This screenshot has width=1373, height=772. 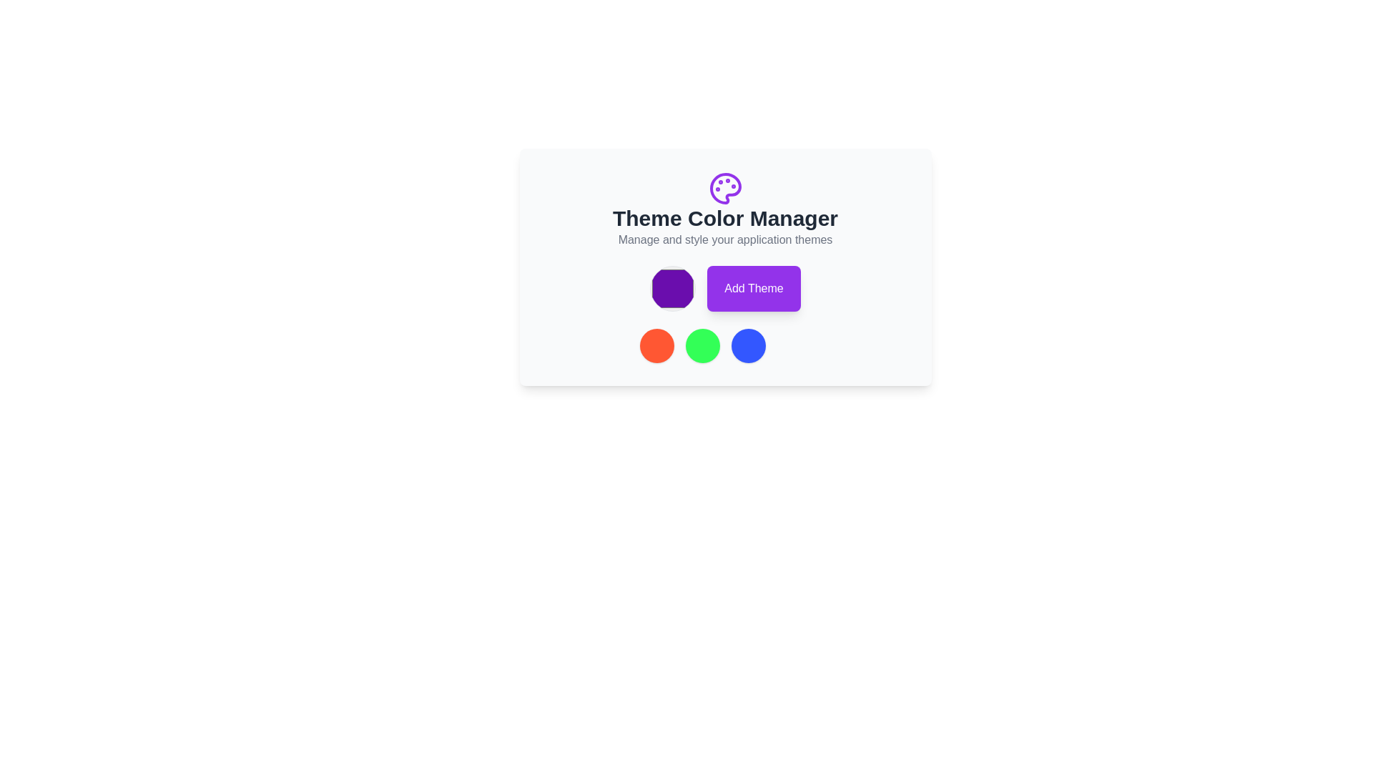 What do you see at coordinates (656, 345) in the screenshot?
I see `the circular orange-red button located at the bottom section of the UI` at bounding box center [656, 345].